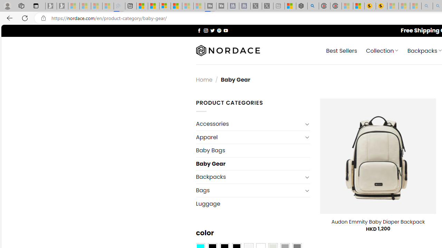 This screenshot has height=248, width=442. I want to click on 'Baby Bags', so click(252, 150).